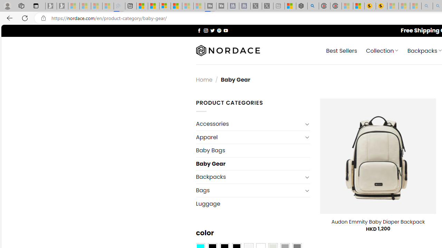 This screenshot has height=248, width=442. I want to click on 'Baby Bags', so click(252, 150).